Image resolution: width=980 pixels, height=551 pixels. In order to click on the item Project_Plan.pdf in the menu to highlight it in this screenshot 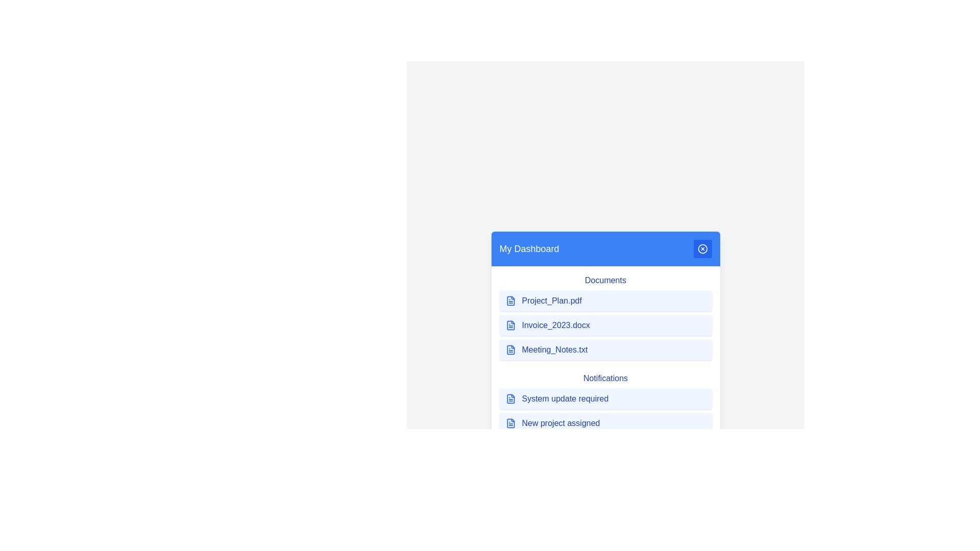, I will do `click(605, 300)`.